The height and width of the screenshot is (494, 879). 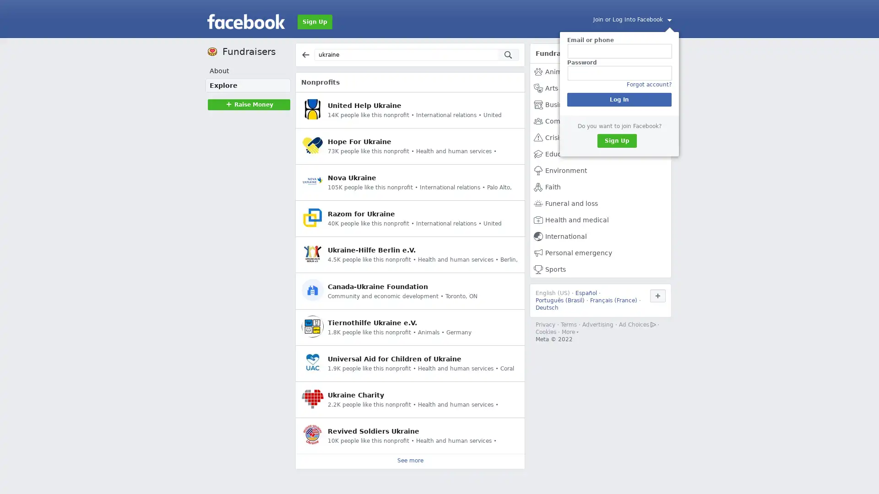 I want to click on Sign Up, so click(x=315, y=21).